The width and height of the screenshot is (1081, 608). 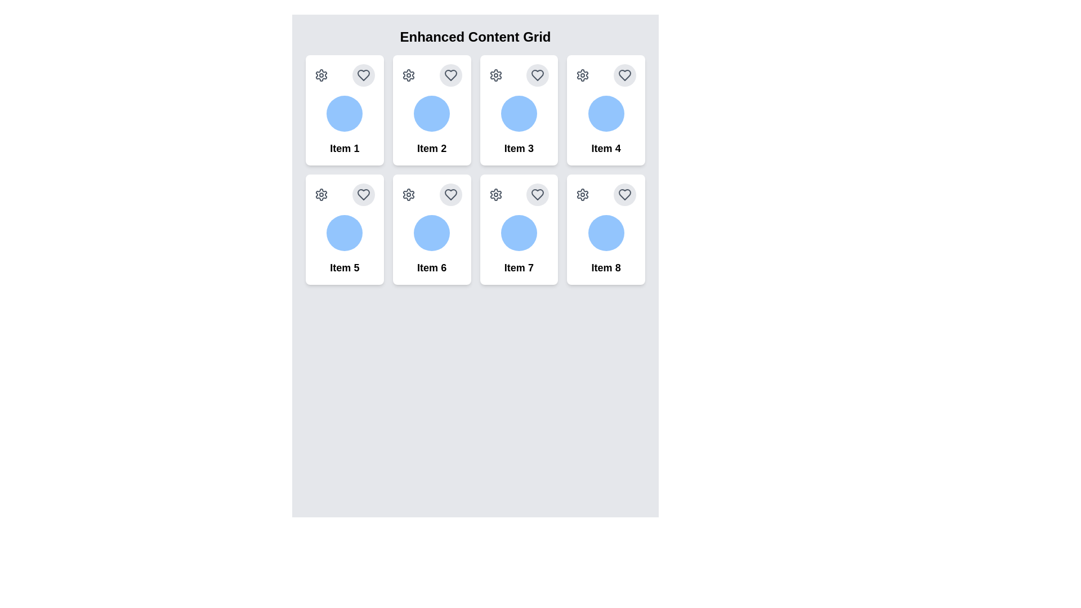 What do you see at coordinates (537, 75) in the screenshot?
I see `the heart icon located in the upper right corner of the 'Item 3' card to favorite the item` at bounding box center [537, 75].